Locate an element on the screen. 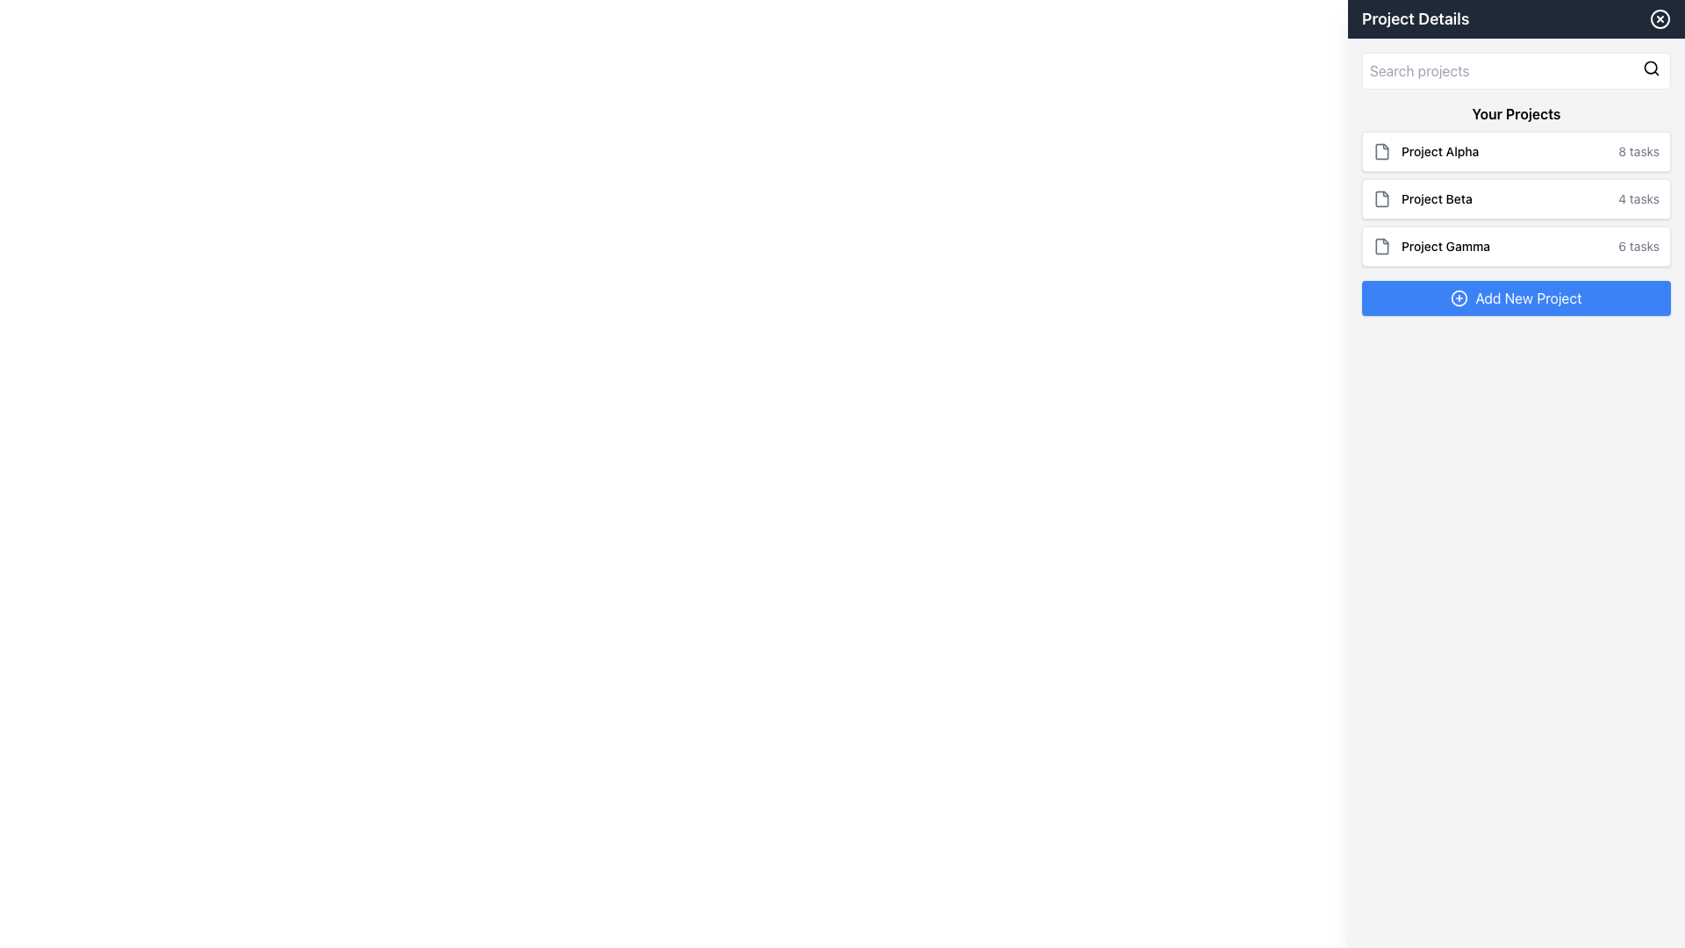 This screenshot has height=948, width=1685. the small gray file icon representing 'Project Gamma' in the 'Your Projects' section of the sidebar is located at coordinates (1380, 247).